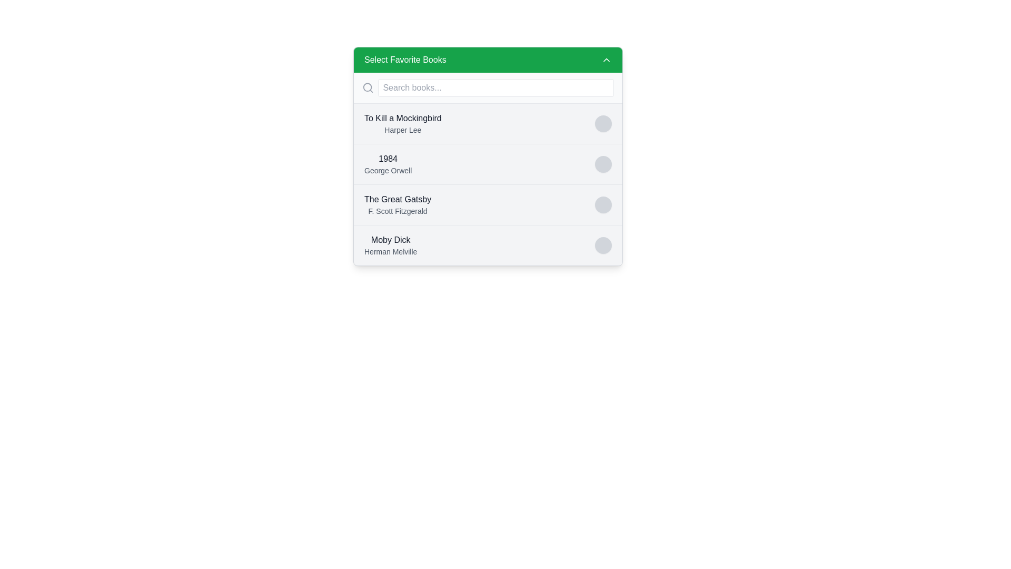 The height and width of the screenshot is (569, 1011). Describe the element at coordinates (487, 164) in the screenshot. I see `the circular action button of the second book entry in the list, which represents a book with a title and author` at that location.